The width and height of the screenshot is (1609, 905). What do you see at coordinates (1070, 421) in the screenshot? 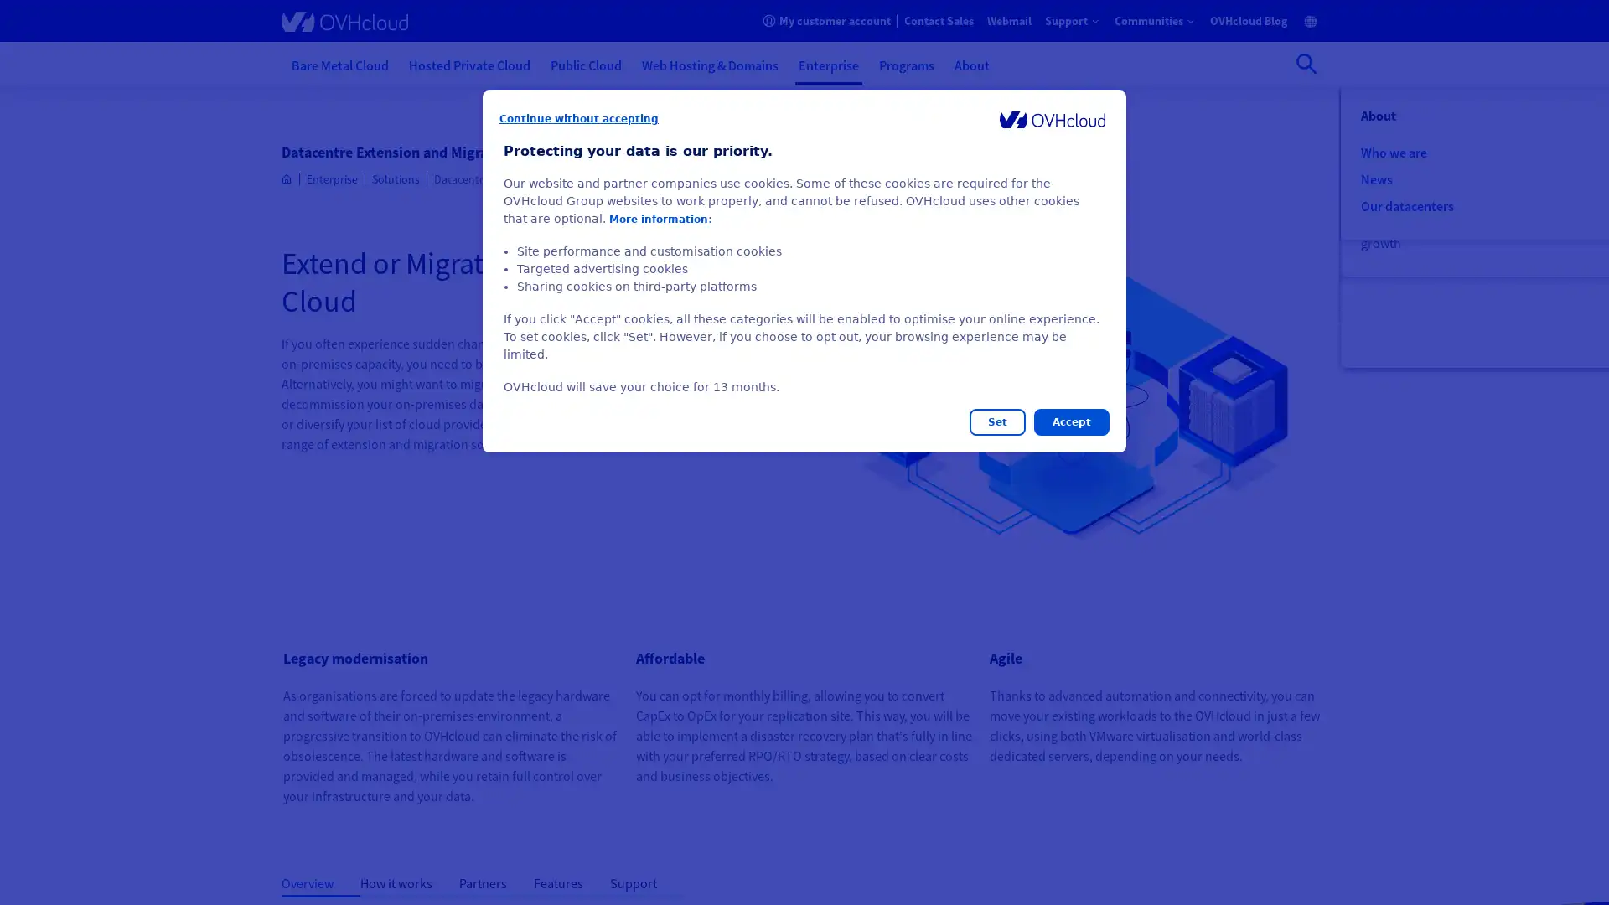
I see `Accept` at bounding box center [1070, 421].